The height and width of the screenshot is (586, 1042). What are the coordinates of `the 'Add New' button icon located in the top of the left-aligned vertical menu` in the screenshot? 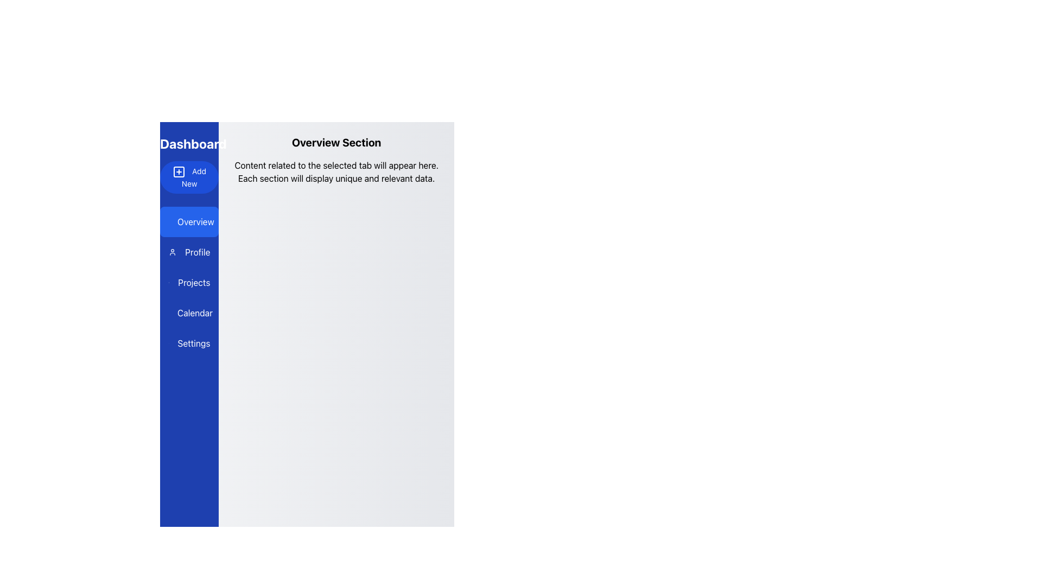 It's located at (179, 171).